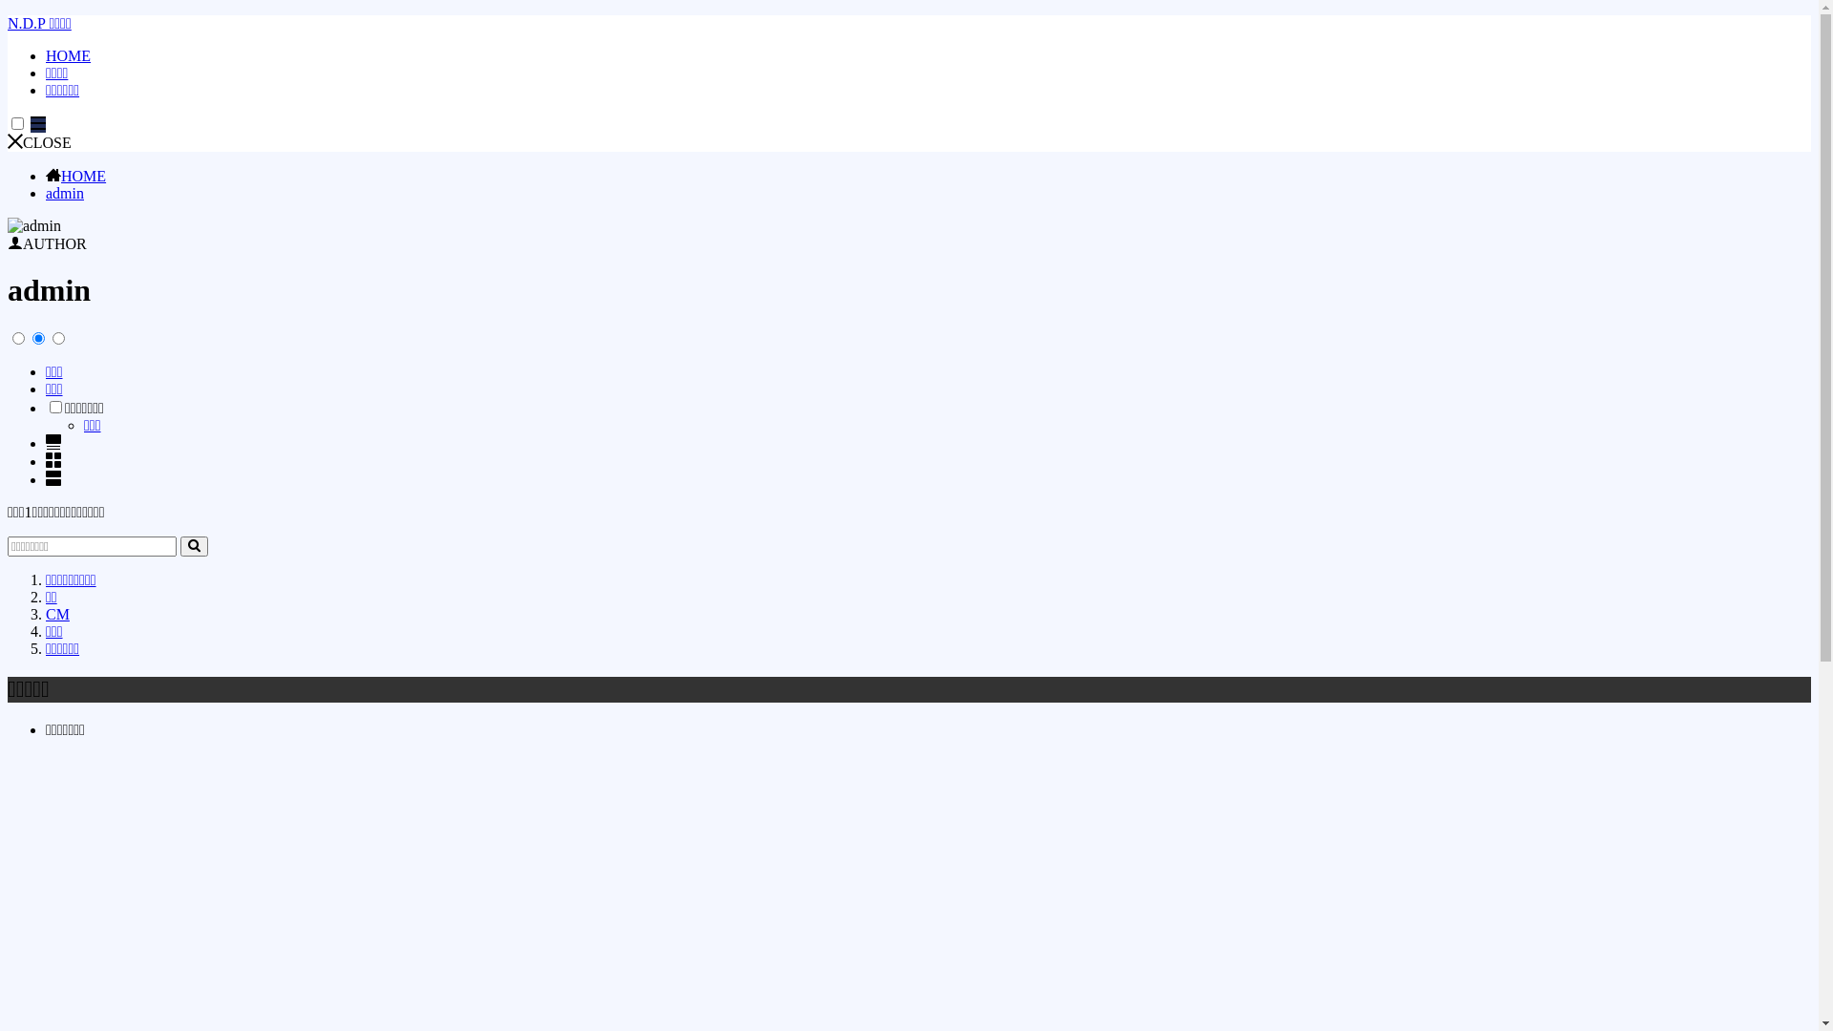 The width and height of the screenshot is (1833, 1031). I want to click on 'admin', so click(46, 193).